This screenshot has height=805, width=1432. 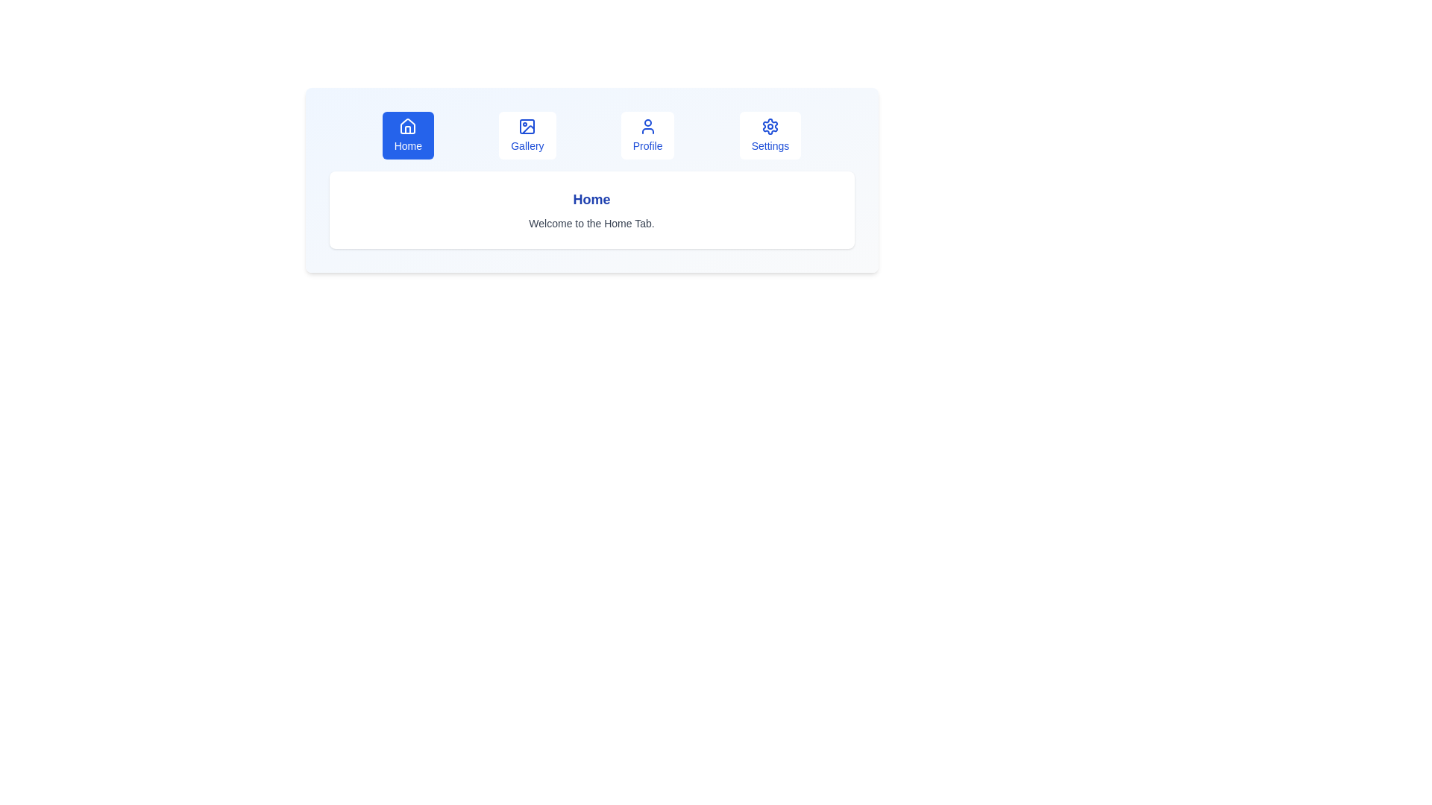 What do you see at coordinates (770, 135) in the screenshot?
I see `the Settings tab to display its content` at bounding box center [770, 135].